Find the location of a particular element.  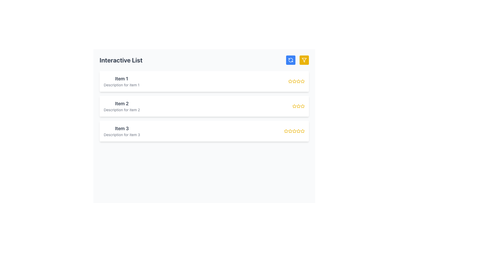

the first yellow star icon in the rating system for 'Item 1' is located at coordinates (290, 81).